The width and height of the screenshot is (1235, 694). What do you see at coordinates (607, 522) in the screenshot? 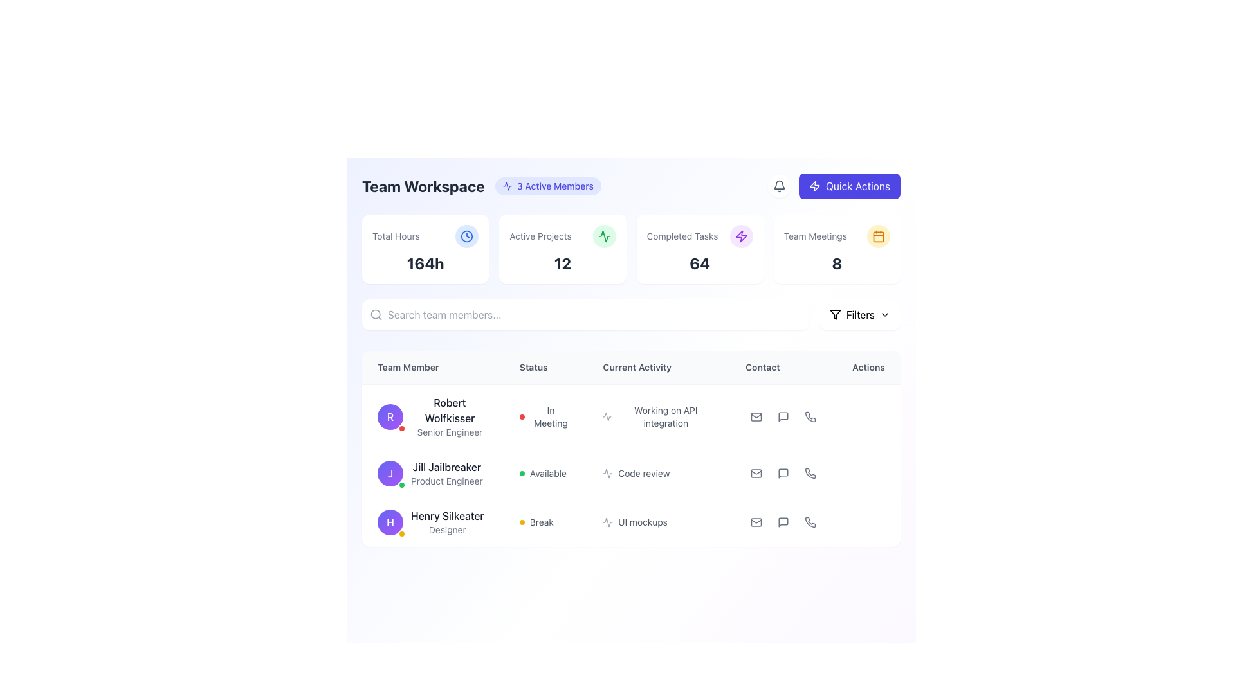
I see `the activity status icon located in the 'Team Workspace' interface under the 'Current Activity' column for the first team member row` at bounding box center [607, 522].